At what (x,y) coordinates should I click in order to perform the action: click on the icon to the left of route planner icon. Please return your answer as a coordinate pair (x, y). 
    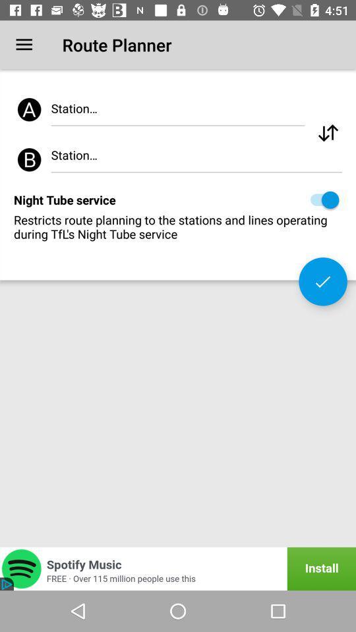
    Looking at the image, I should click on (24, 45).